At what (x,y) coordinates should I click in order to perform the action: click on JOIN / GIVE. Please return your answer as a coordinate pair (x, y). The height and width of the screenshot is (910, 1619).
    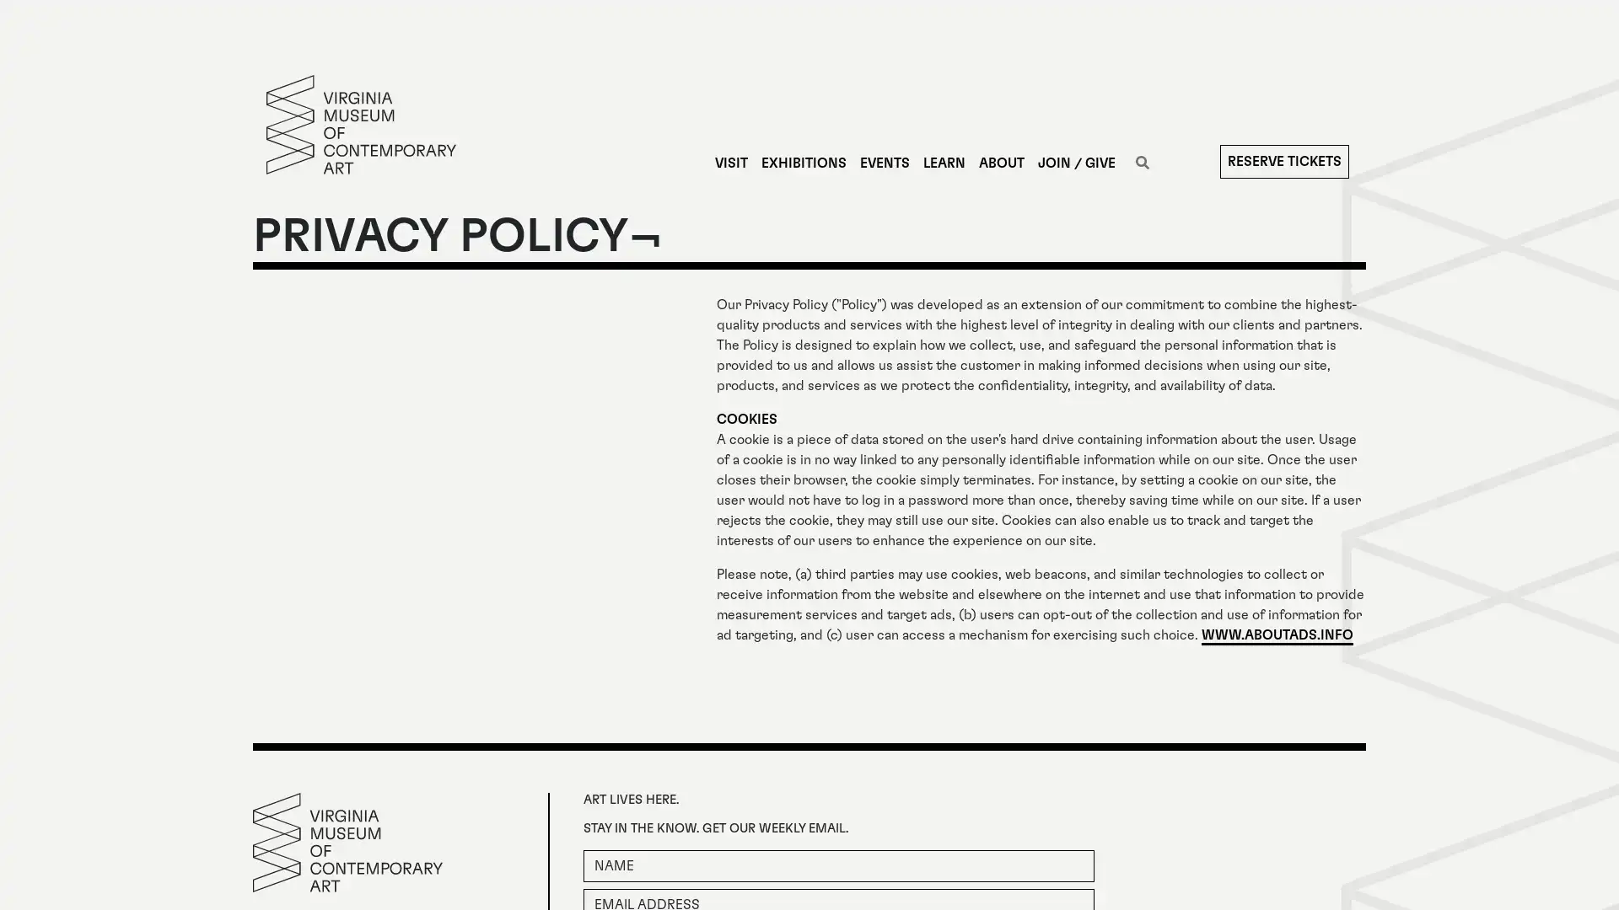
    Looking at the image, I should click on (1075, 163).